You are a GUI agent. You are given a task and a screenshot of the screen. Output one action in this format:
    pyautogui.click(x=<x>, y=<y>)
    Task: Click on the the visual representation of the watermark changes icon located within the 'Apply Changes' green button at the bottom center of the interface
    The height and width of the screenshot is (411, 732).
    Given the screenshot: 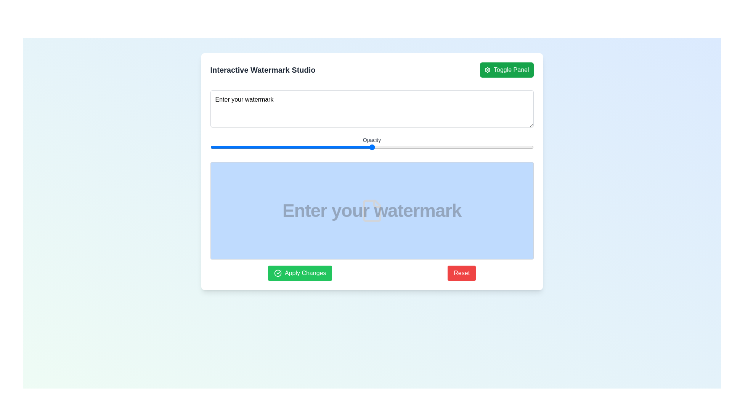 What is the action you would take?
    pyautogui.click(x=277, y=272)
    